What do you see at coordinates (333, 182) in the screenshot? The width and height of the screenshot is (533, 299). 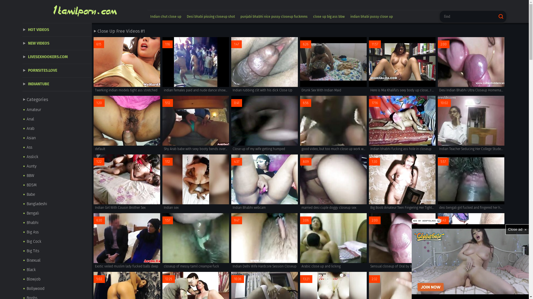 I see `'8:09` at bounding box center [333, 182].